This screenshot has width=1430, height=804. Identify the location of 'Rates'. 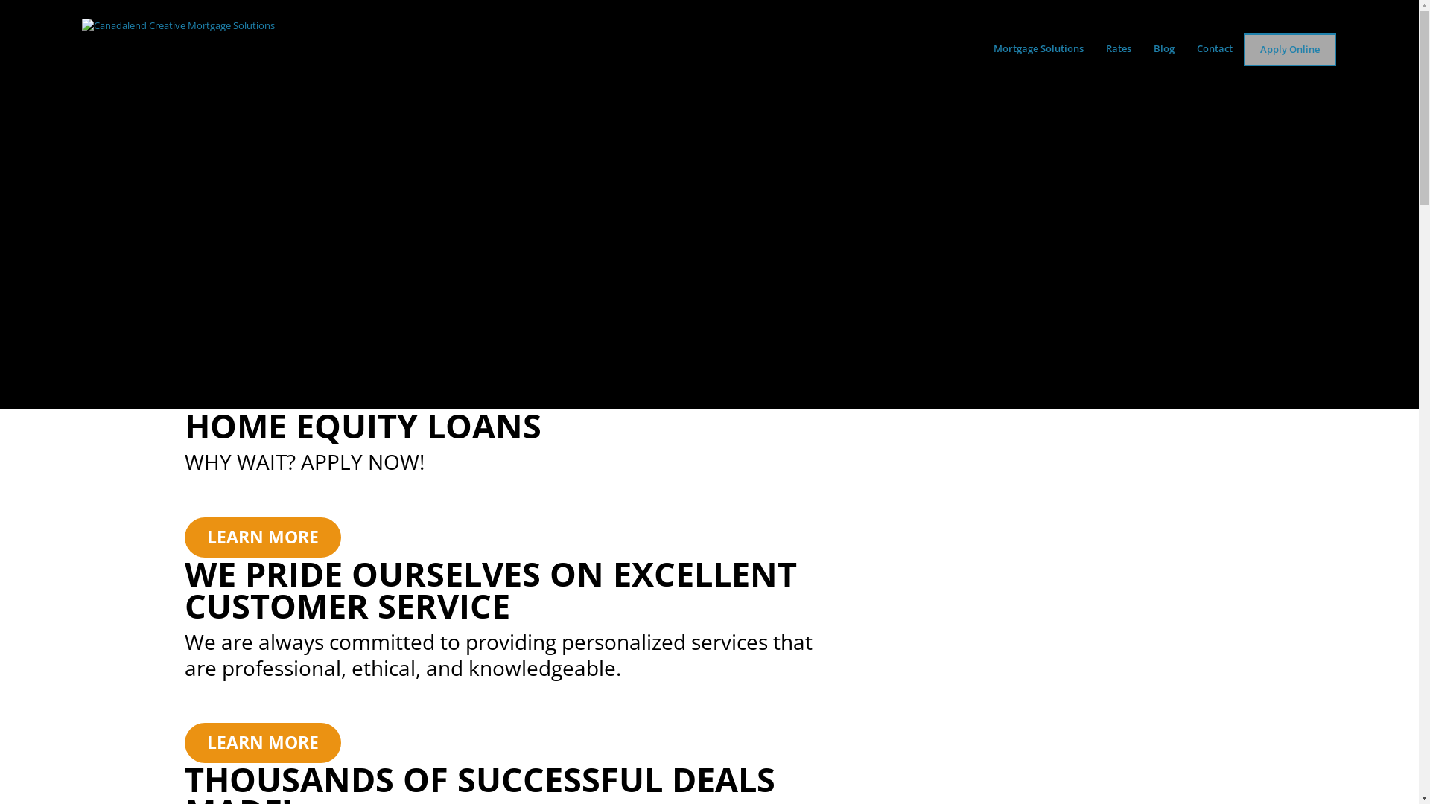
(1094, 48).